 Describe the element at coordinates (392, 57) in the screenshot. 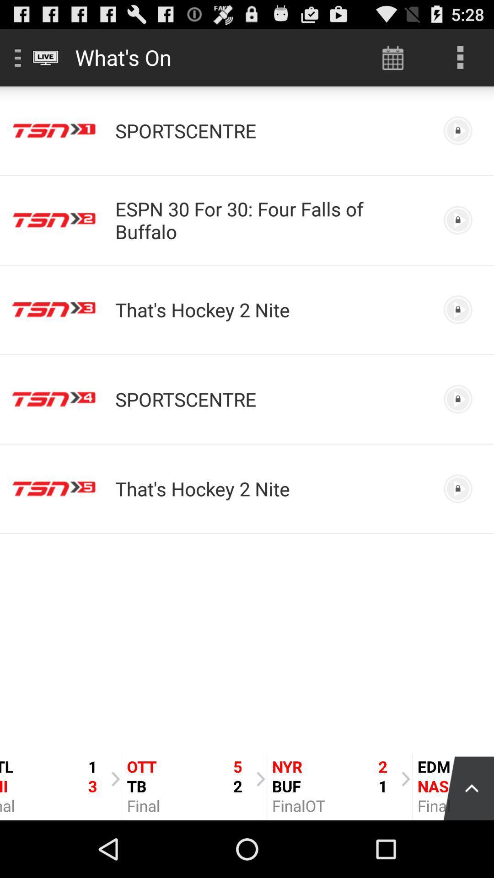

I see `change the day` at that location.